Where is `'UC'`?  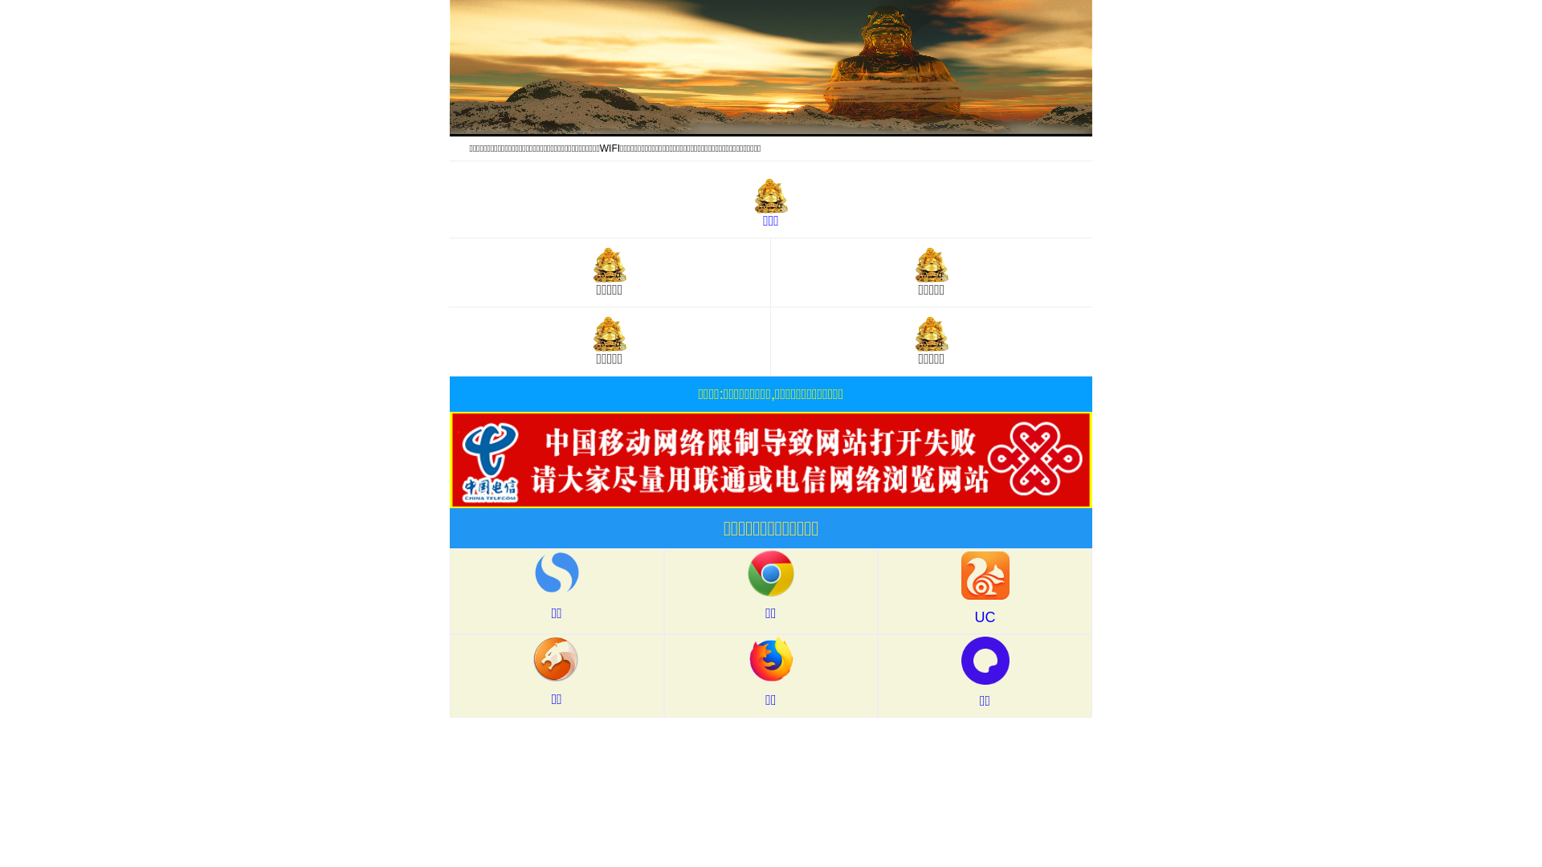
'UC' is located at coordinates (984, 591).